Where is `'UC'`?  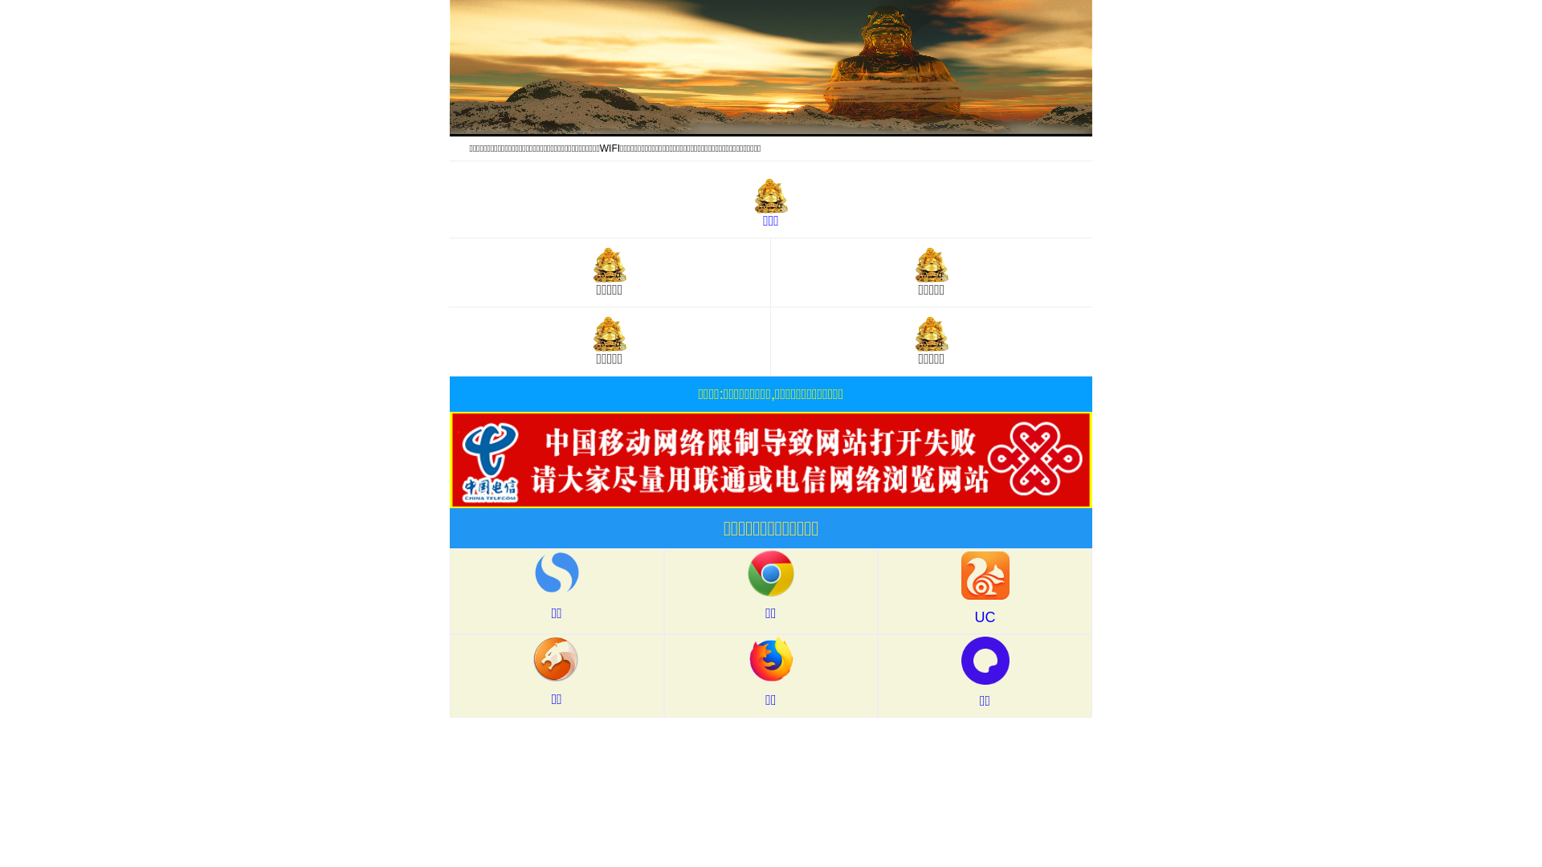
'UC' is located at coordinates (984, 591).